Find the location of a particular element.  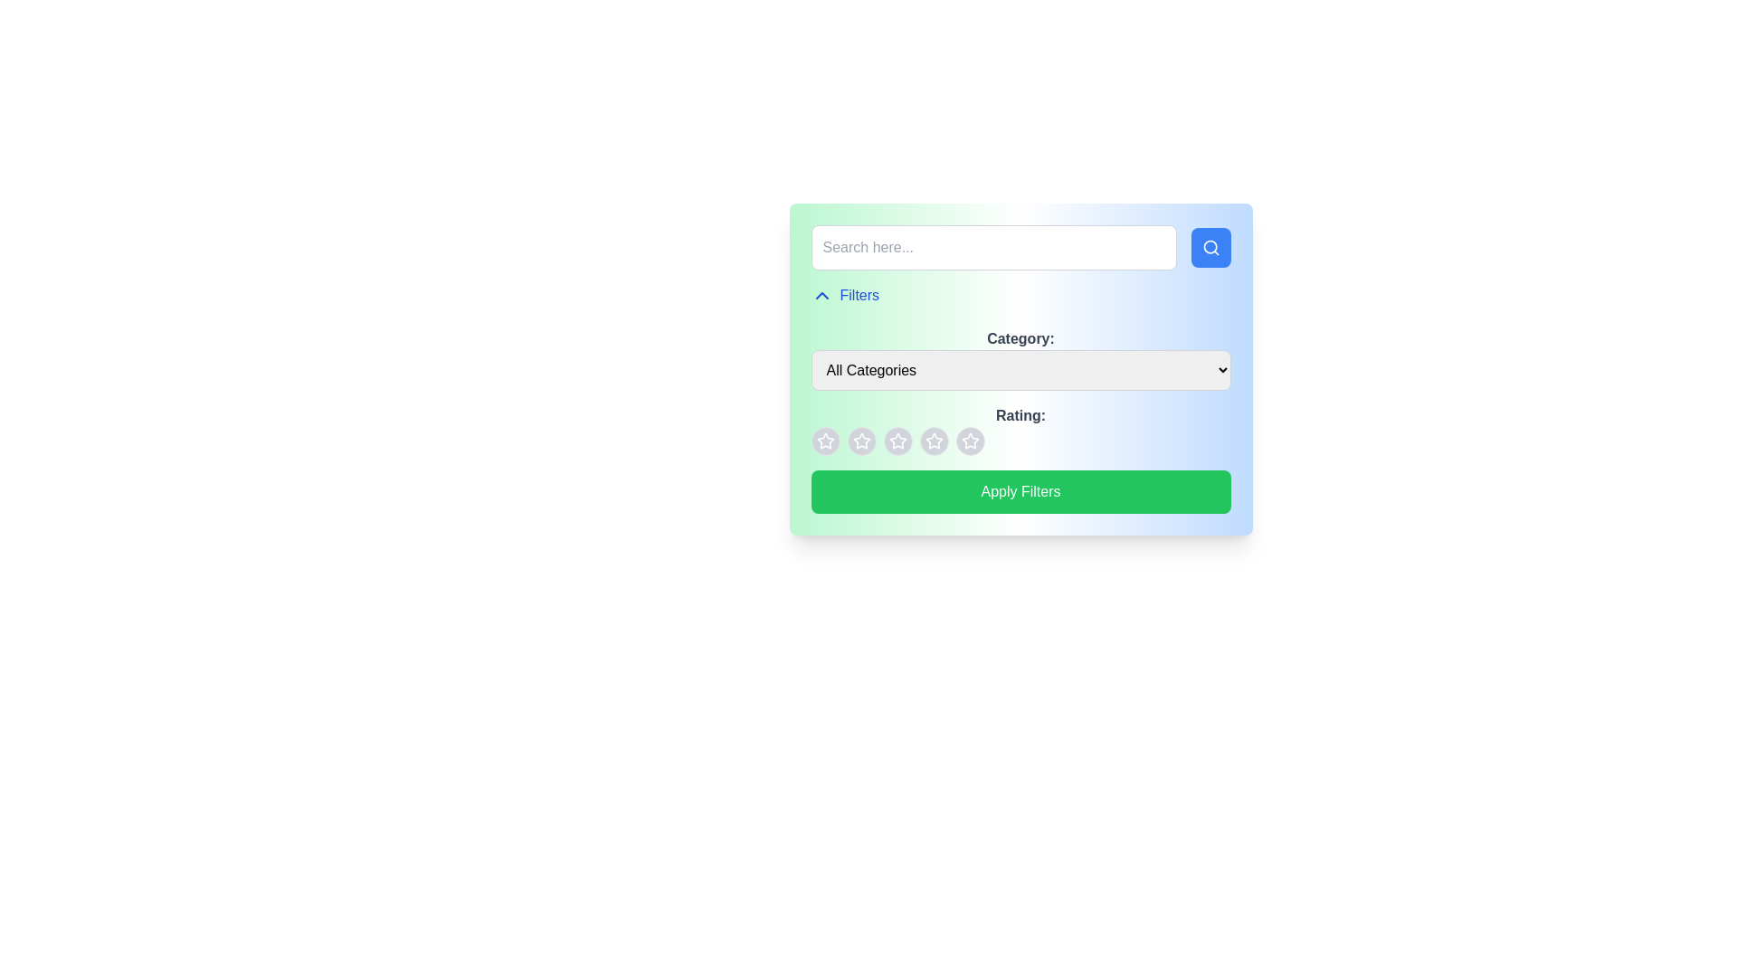

the 'Category:' text label, which is displayed in a bold and semibold dark gray font above the dropdown menu labeled 'All Categories.' is located at coordinates (1020, 338).